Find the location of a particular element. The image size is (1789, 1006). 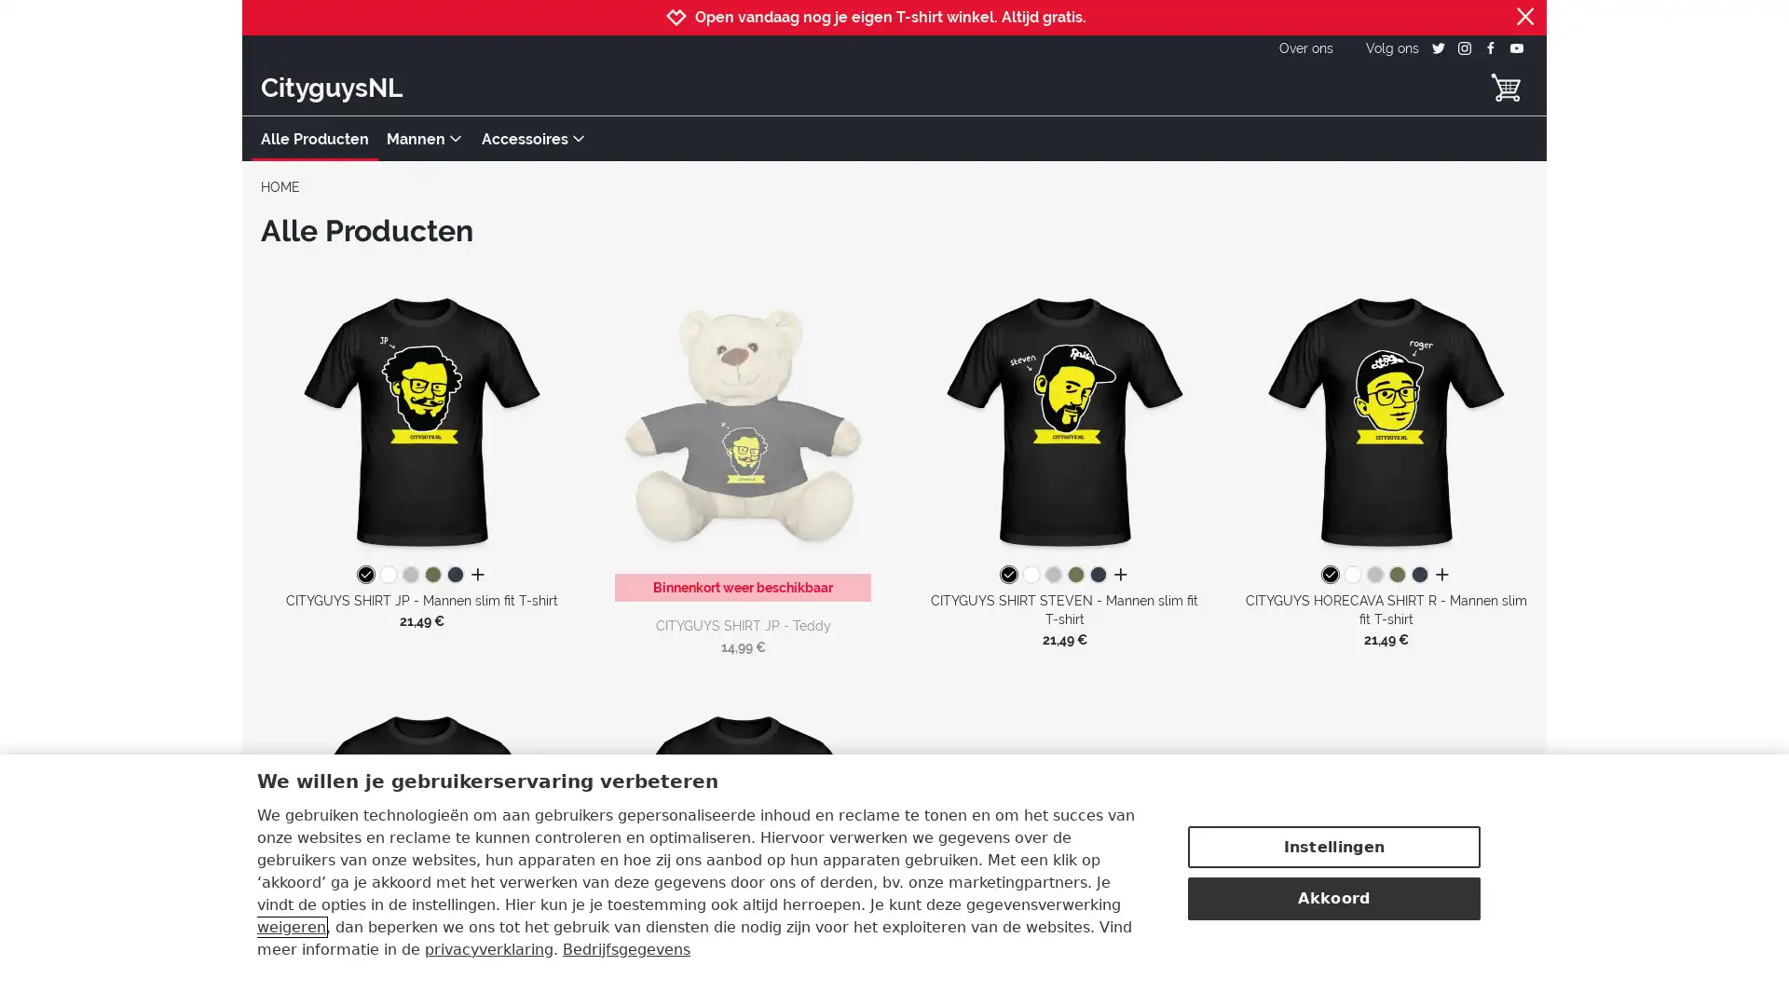

CITYGUYS SHIRT JP - Teddy Binnenkort weer beschikbaar is located at coordinates (742, 439).